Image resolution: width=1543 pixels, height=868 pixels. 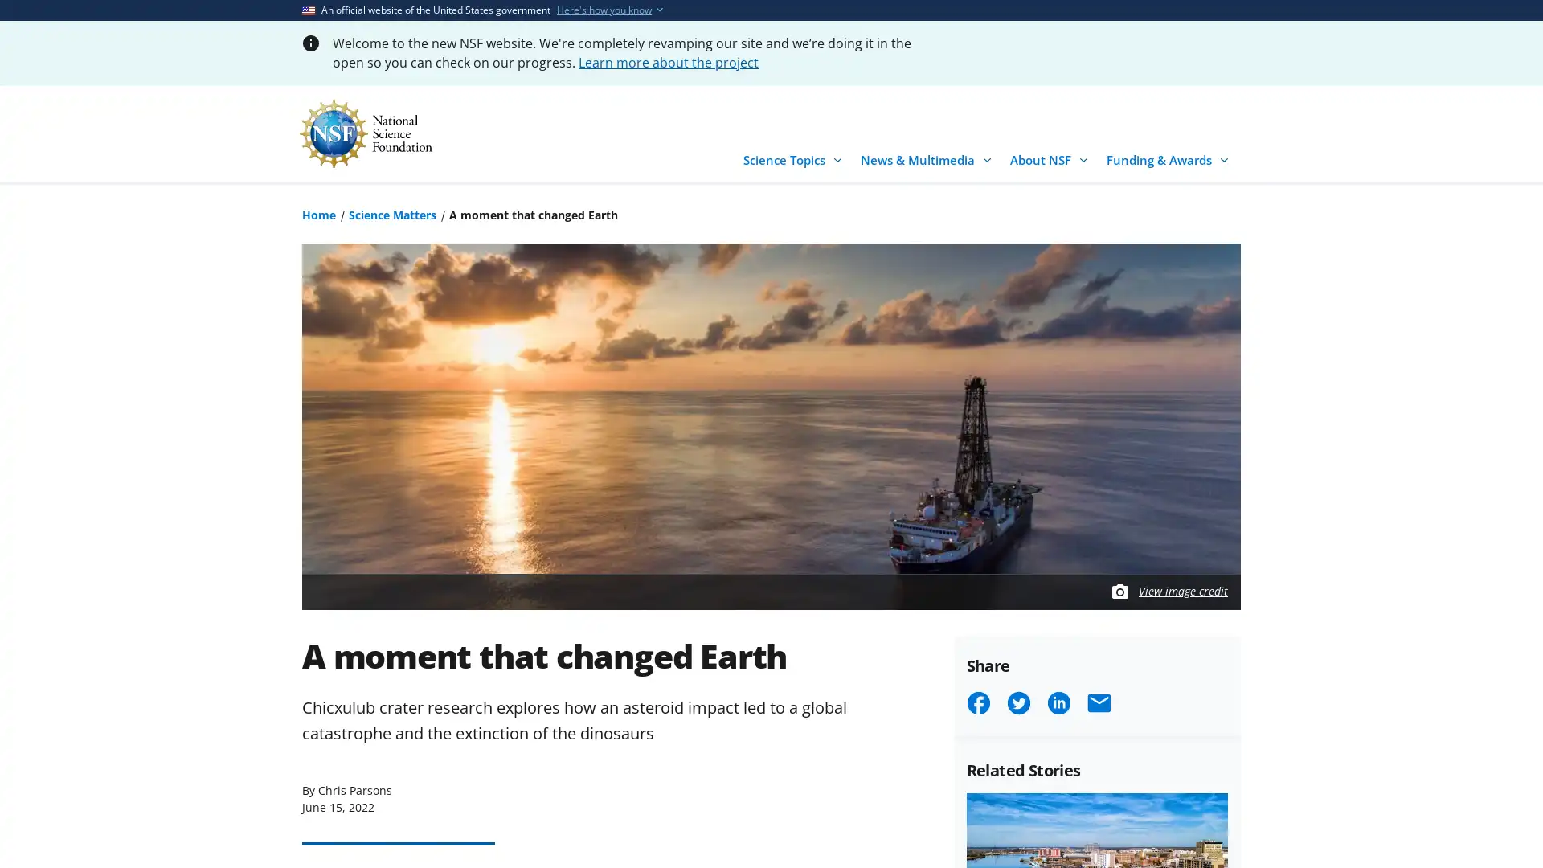 I want to click on Science Topics, so click(x=795, y=155).